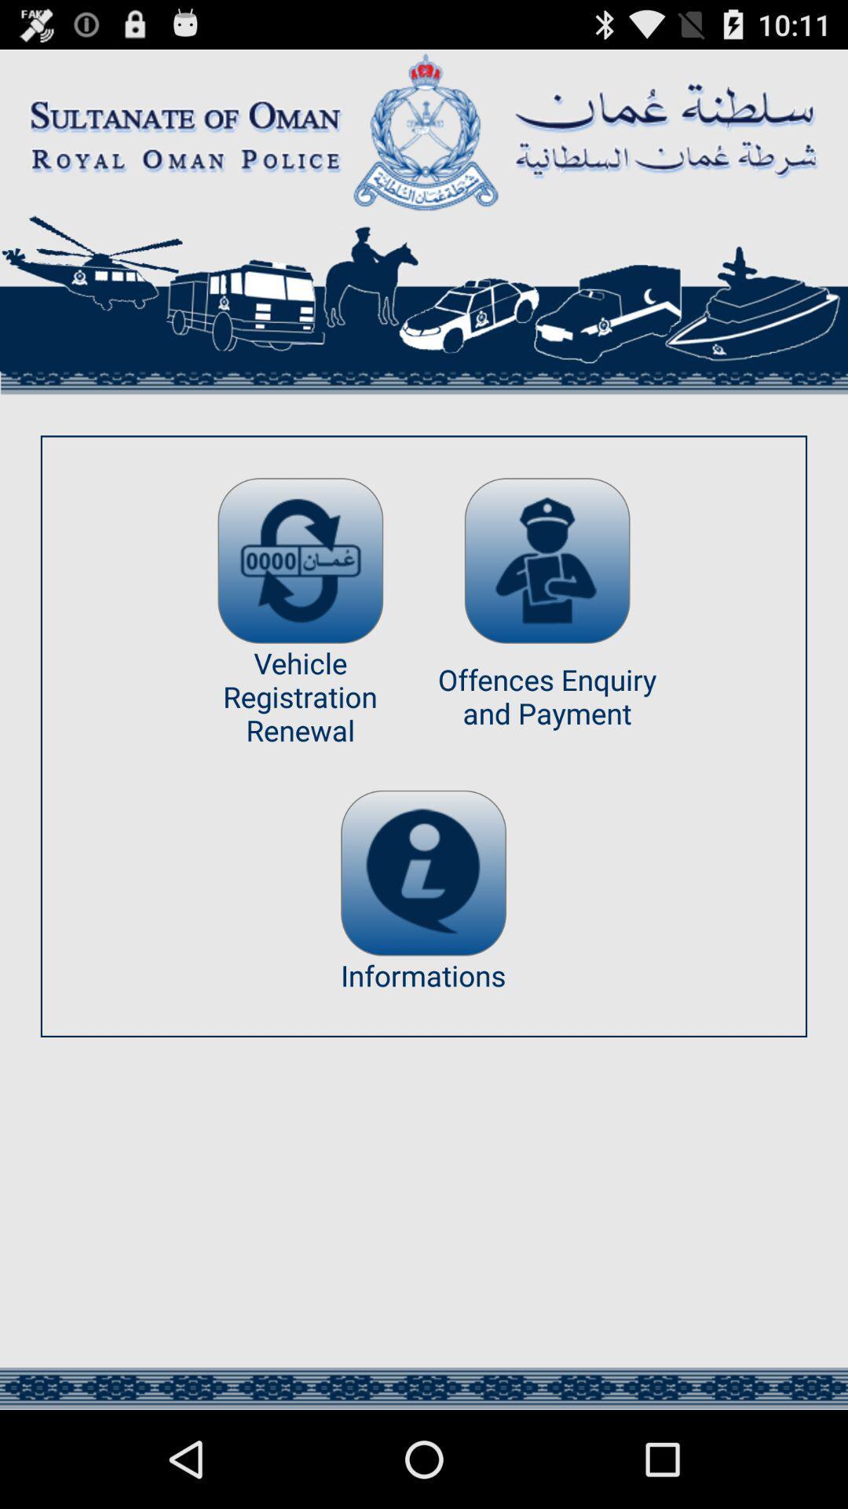  I want to click on information, so click(422, 872).